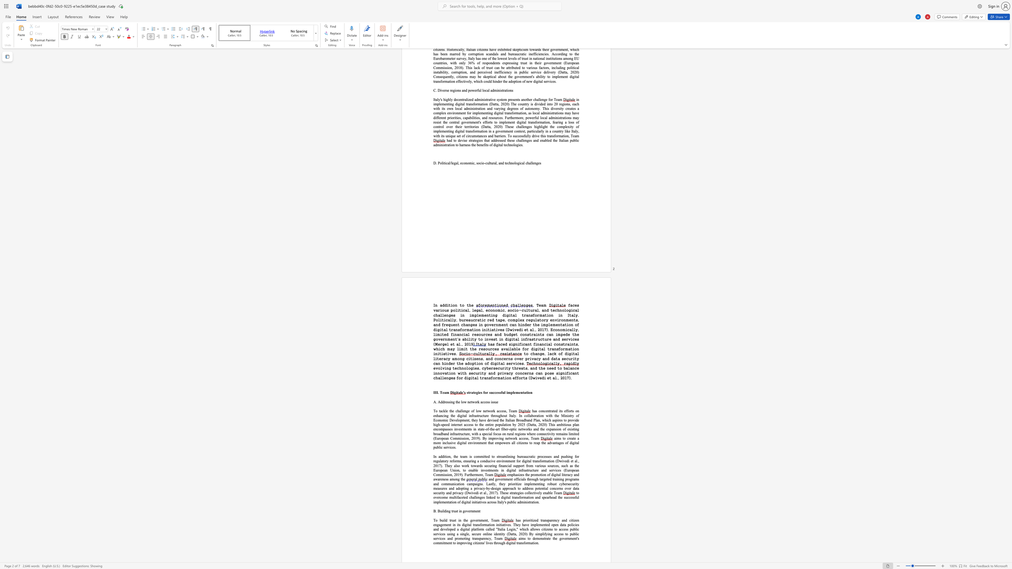  Describe the element at coordinates (569, 456) in the screenshot. I see `the subset text "ng for regulato" within the text "In addition, the team is committed to streamlining bureaucratic processes and pushing for regulatory reforms, ensuring a conducive environment for digital transformation (Dwivedi et al., 2017). They also work towards securing financial support from various sources, such as the European Union, to enable investments in digital infrastructure and services (European Commission, 2019). Furthermore, Team"` at that location.